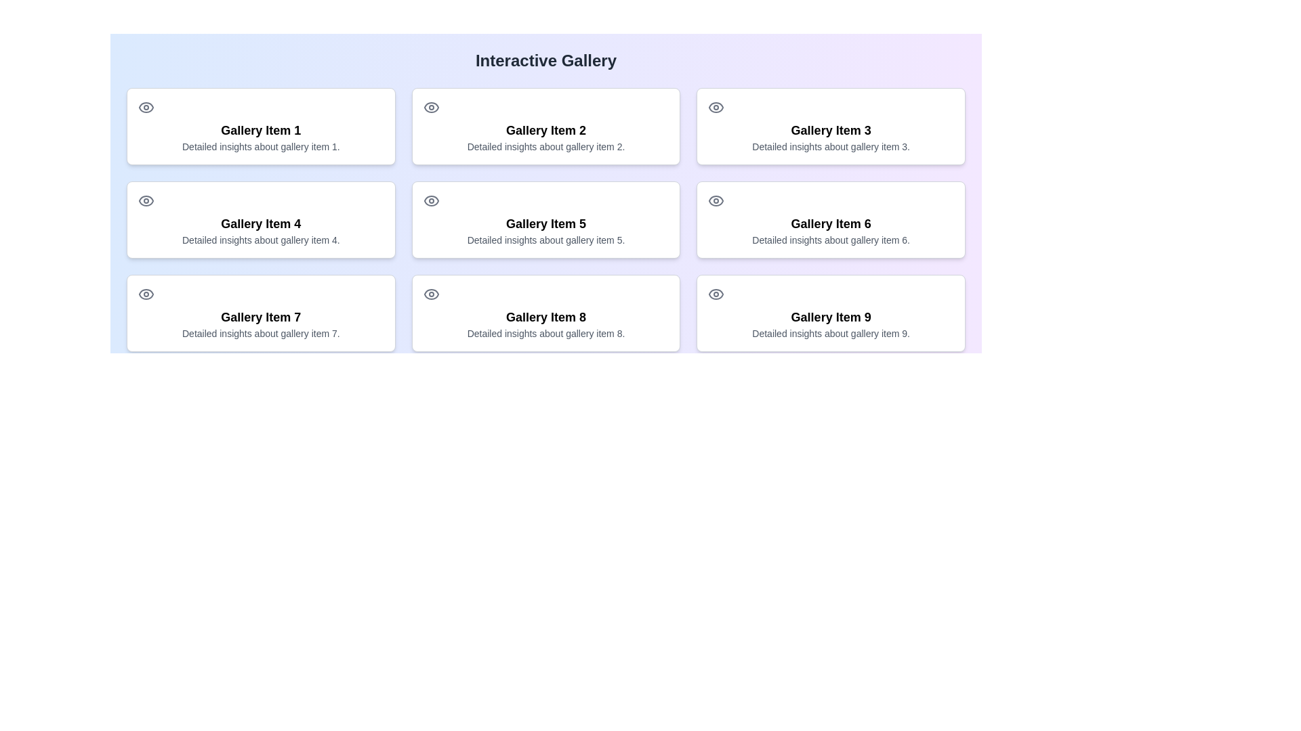 This screenshot has width=1301, height=731. I want to click on the main title of the sixth gallery item located in the second row, third column of a 3x3 grid layout, so click(830, 223).